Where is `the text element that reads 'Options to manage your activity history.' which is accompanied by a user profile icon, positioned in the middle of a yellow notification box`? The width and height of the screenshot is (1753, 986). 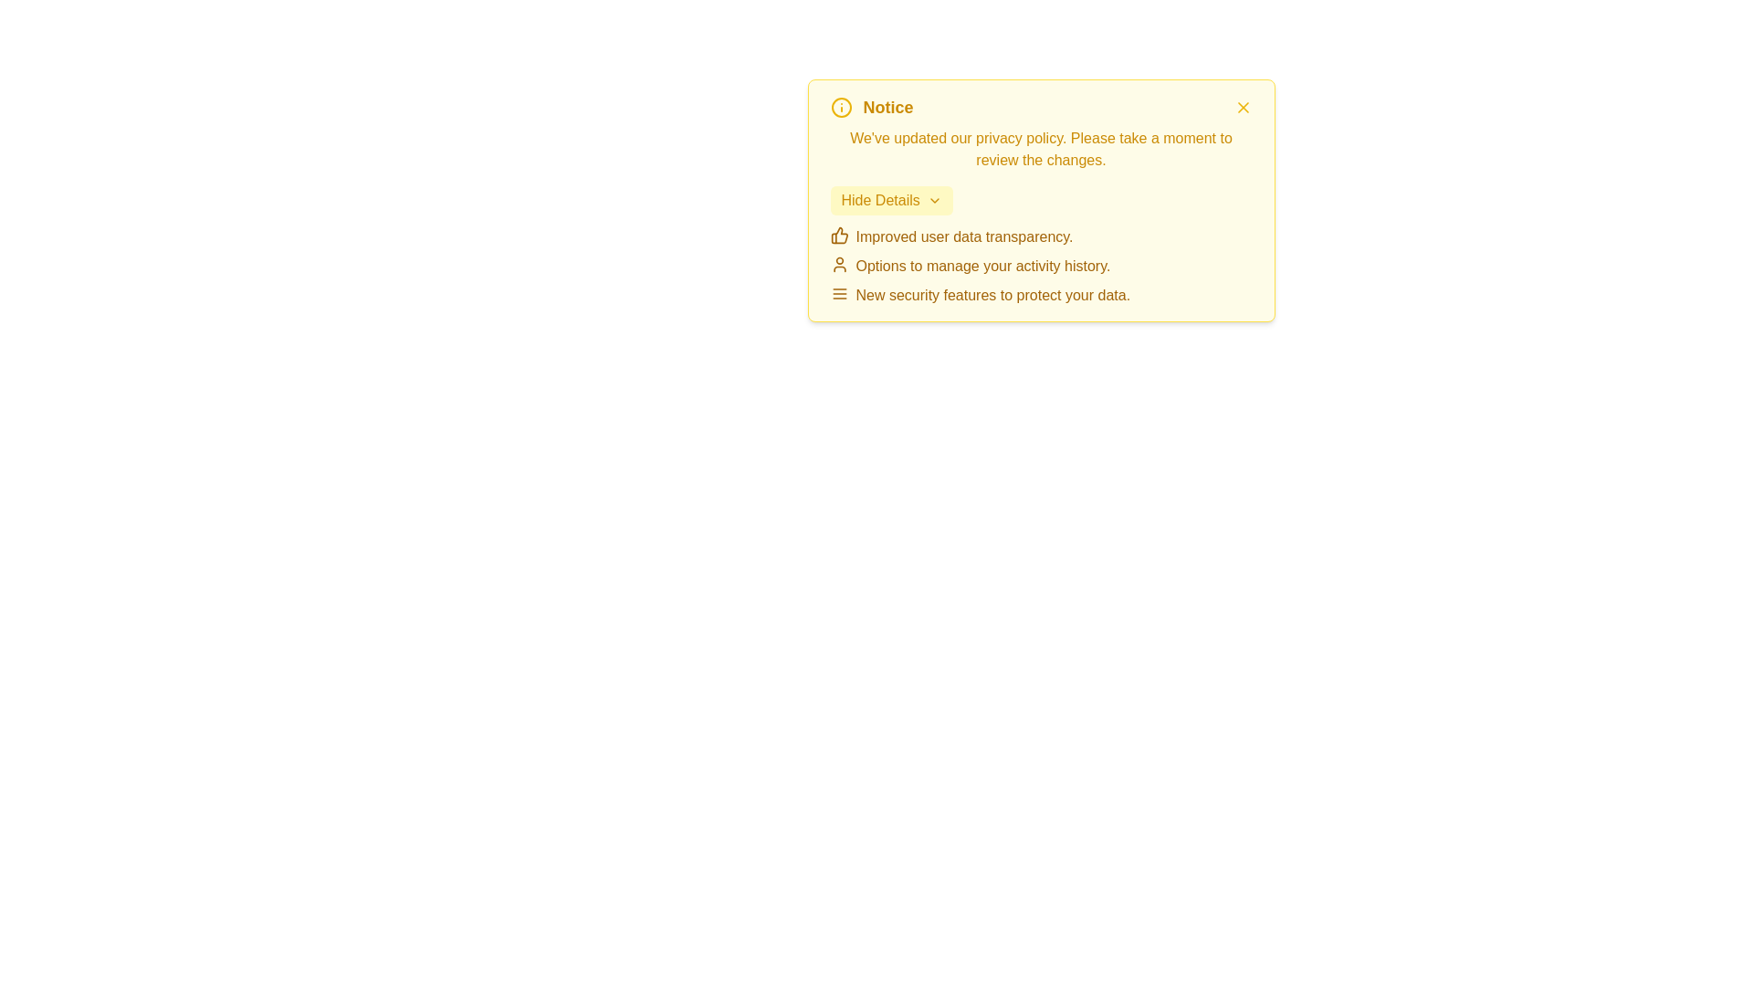 the text element that reads 'Options to manage your activity history.' which is accompanied by a user profile icon, positioned in the middle of a yellow notification box is located at coordinates (1041, 267).